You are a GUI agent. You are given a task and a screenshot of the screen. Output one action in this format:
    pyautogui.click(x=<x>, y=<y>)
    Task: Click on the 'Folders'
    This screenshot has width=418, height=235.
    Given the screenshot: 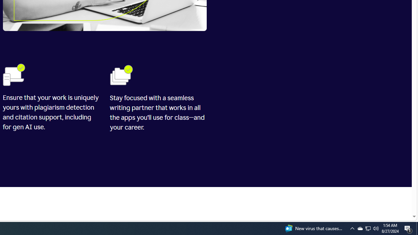 What is the action you would take?
    pyautogui.click(x=121, y=74)
    